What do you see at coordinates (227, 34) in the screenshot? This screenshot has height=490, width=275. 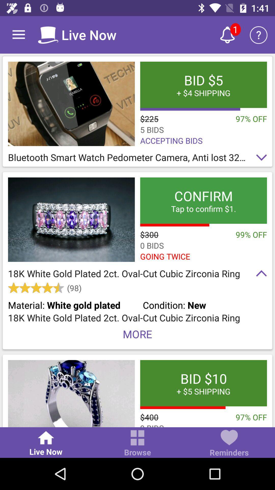 I see `new alert` at bounding box center [227, 34].